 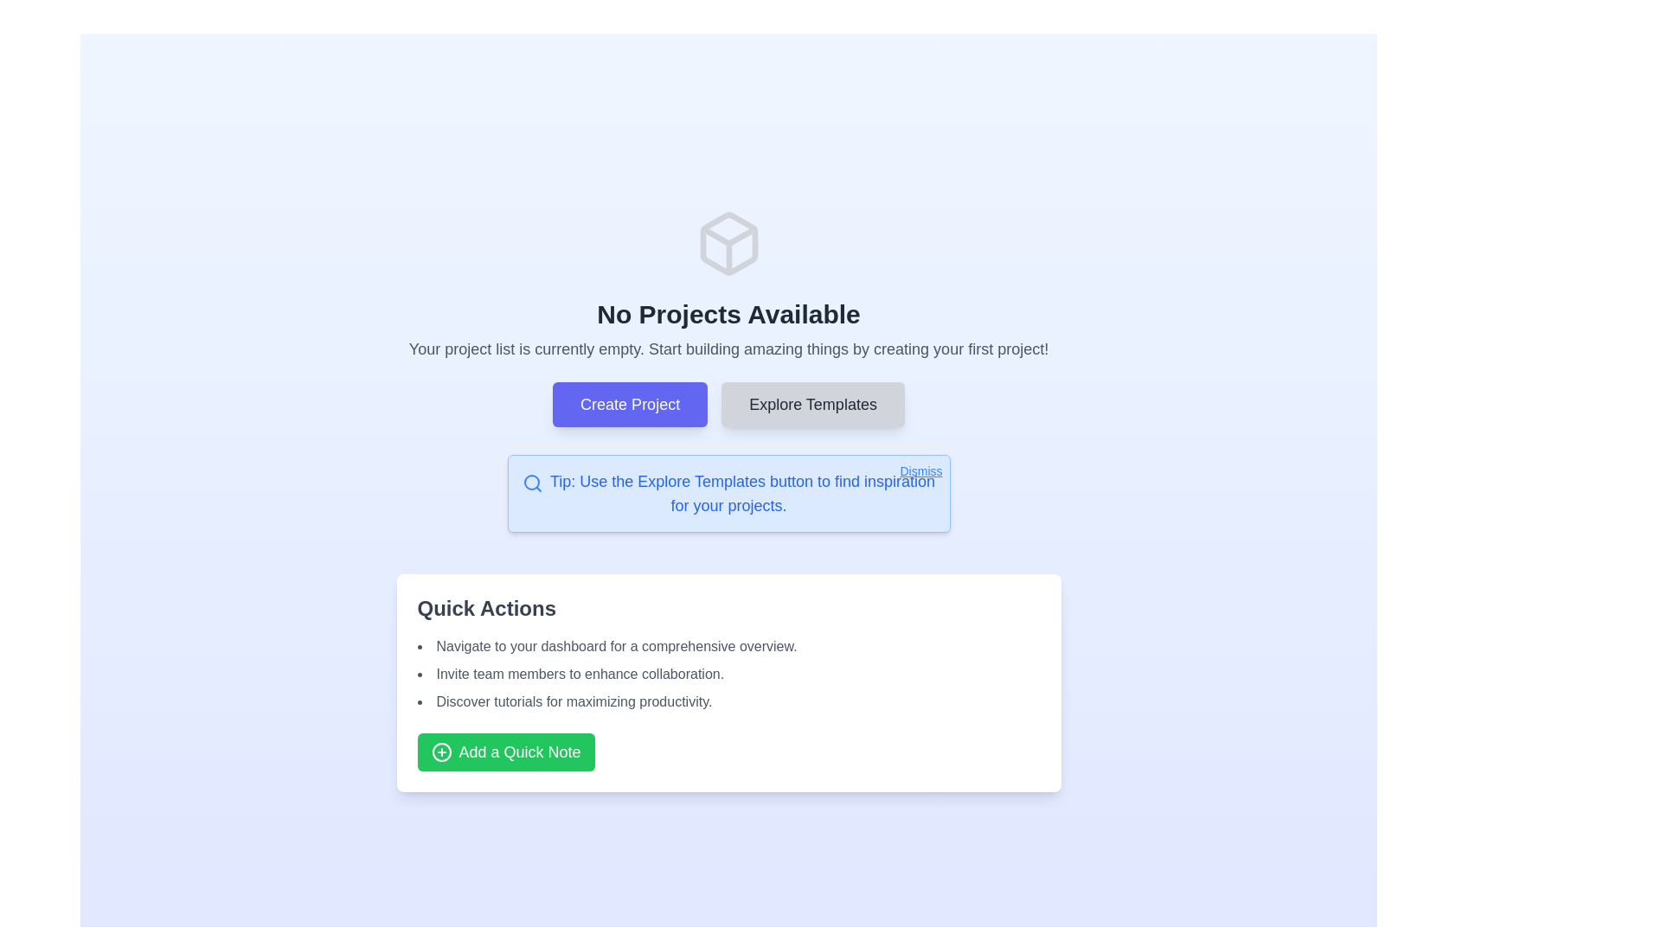 I want to click on circular element with a blue stroke color located within the search icon near the tip text section at the top-center of the page, so click(x=530, y=482).